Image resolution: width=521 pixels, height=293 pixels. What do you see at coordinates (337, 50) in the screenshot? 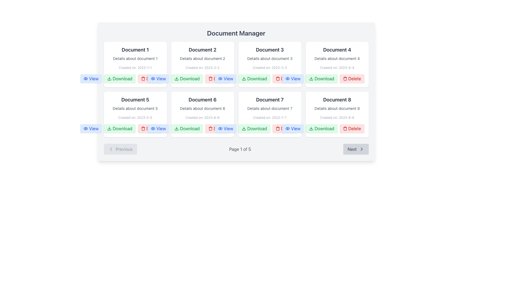
I see `the 'Document 4' text label located in the top-right card of the grid layout in the document manager interface` at bounding box center [337, 50].